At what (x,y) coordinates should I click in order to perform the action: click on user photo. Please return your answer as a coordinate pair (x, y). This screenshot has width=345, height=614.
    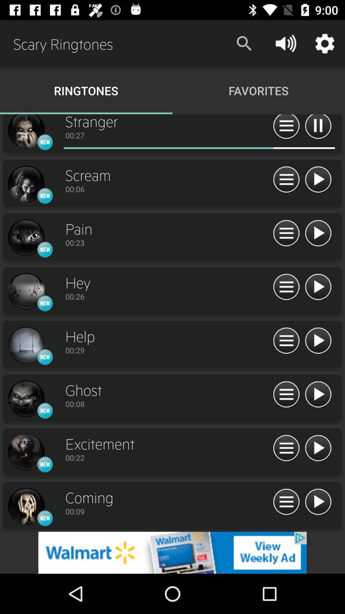
    Looking at the image, I should click on (26, 238).